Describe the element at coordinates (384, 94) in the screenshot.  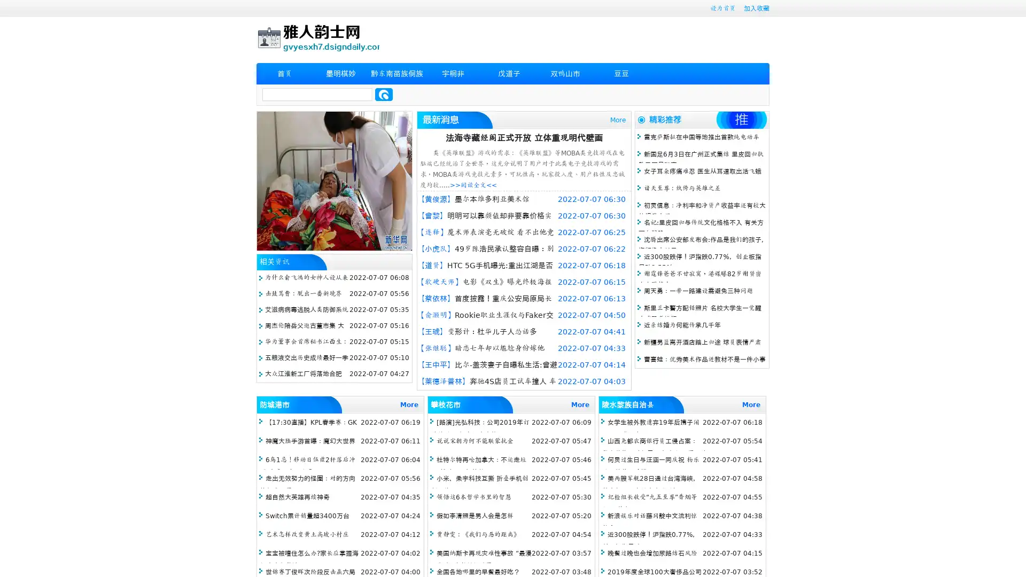
I see `Search` at that location.